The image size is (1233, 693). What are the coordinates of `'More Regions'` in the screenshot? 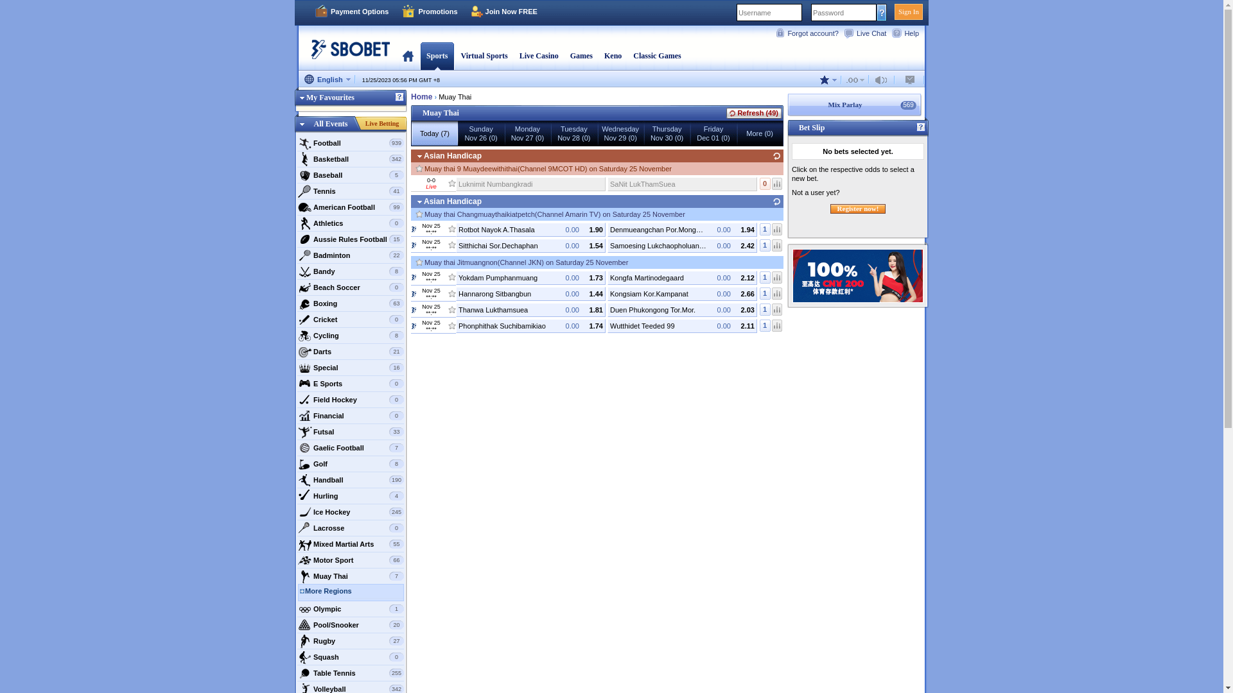 It's located at (354, 592).